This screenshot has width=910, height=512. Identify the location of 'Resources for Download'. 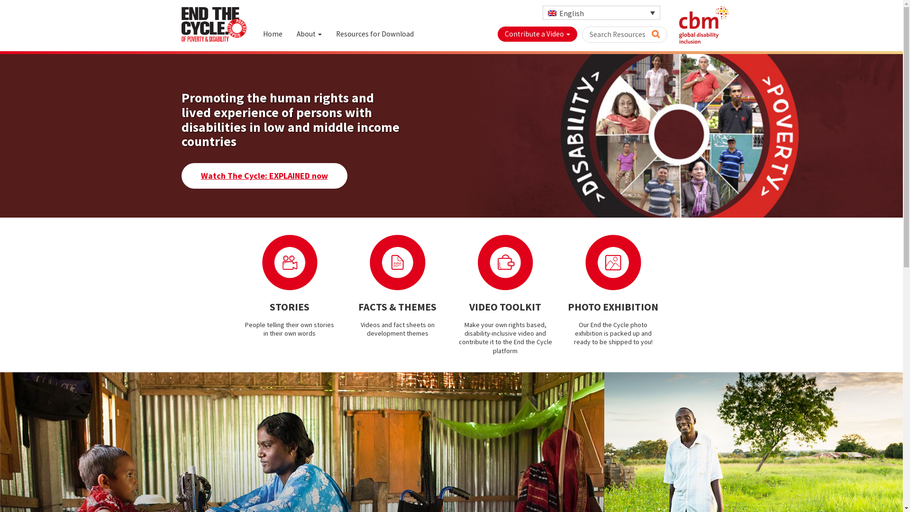
(329, 34).